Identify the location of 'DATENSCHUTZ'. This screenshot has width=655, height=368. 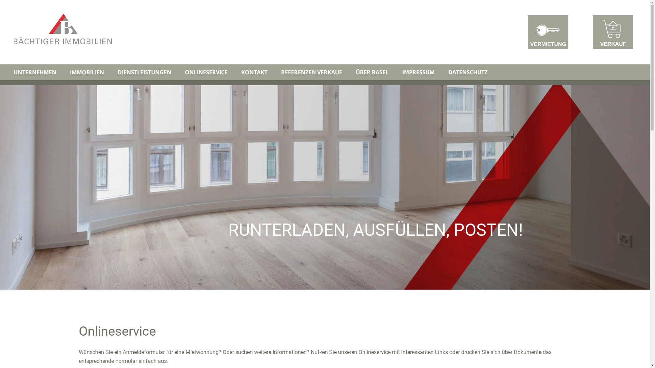
(467, 72).